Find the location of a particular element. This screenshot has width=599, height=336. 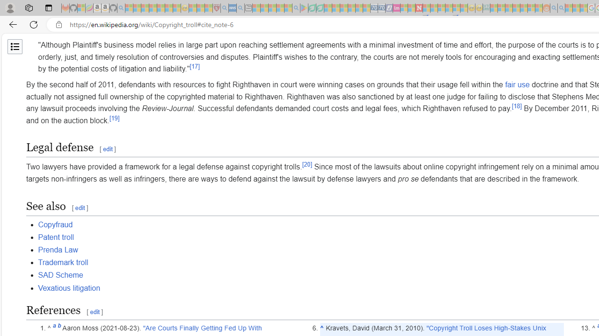

'Patent troll' is located at coordinates (55, 236).